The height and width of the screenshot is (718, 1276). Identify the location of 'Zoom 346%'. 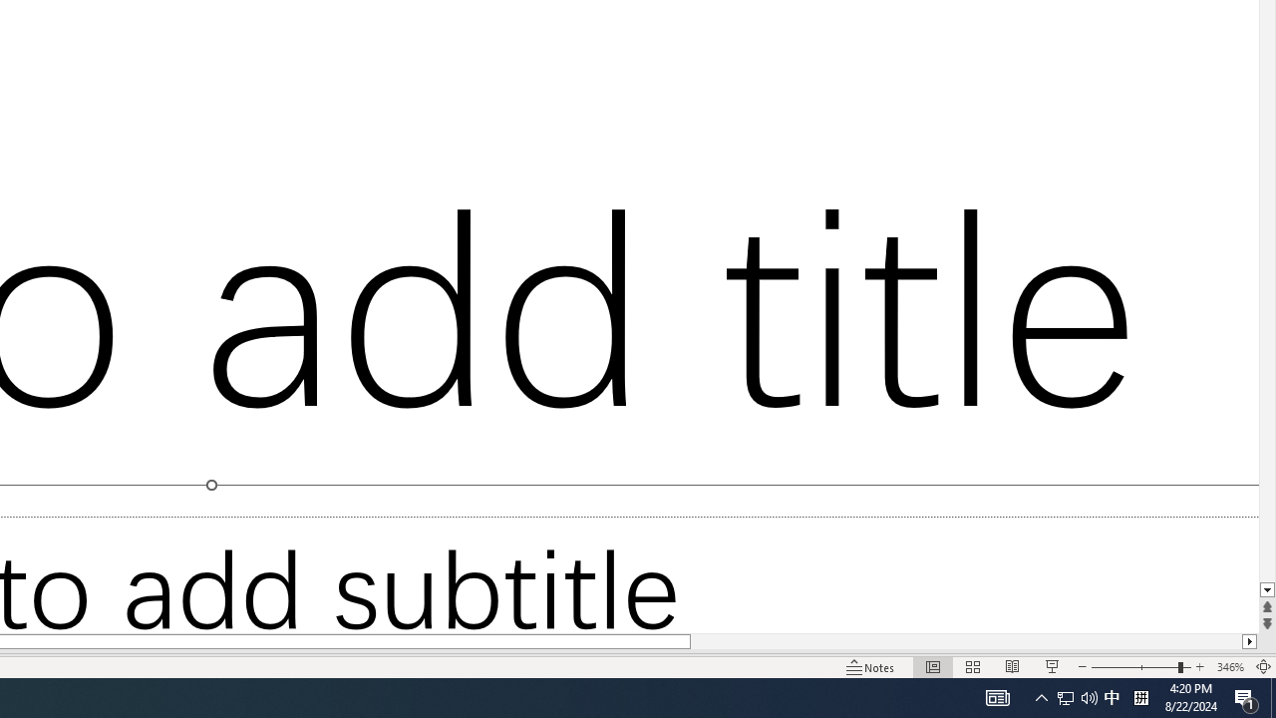
(1229, 667).